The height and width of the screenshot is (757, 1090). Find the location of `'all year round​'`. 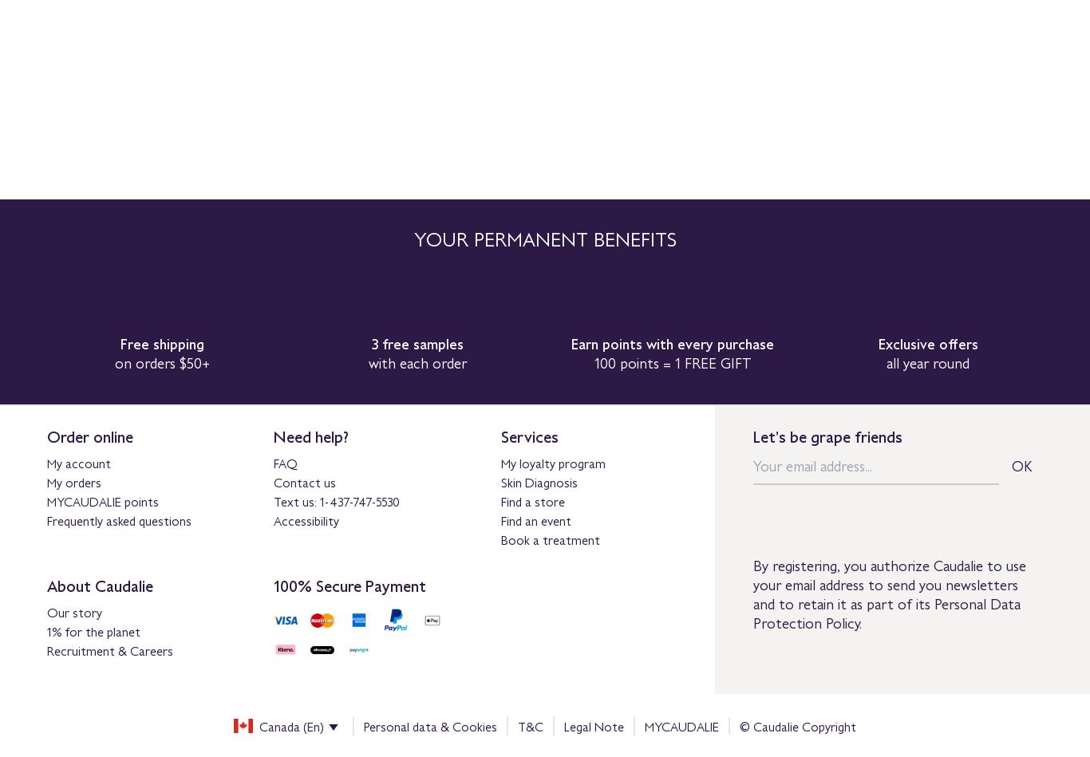

'all year round​' is located at coordinates (928, 362).